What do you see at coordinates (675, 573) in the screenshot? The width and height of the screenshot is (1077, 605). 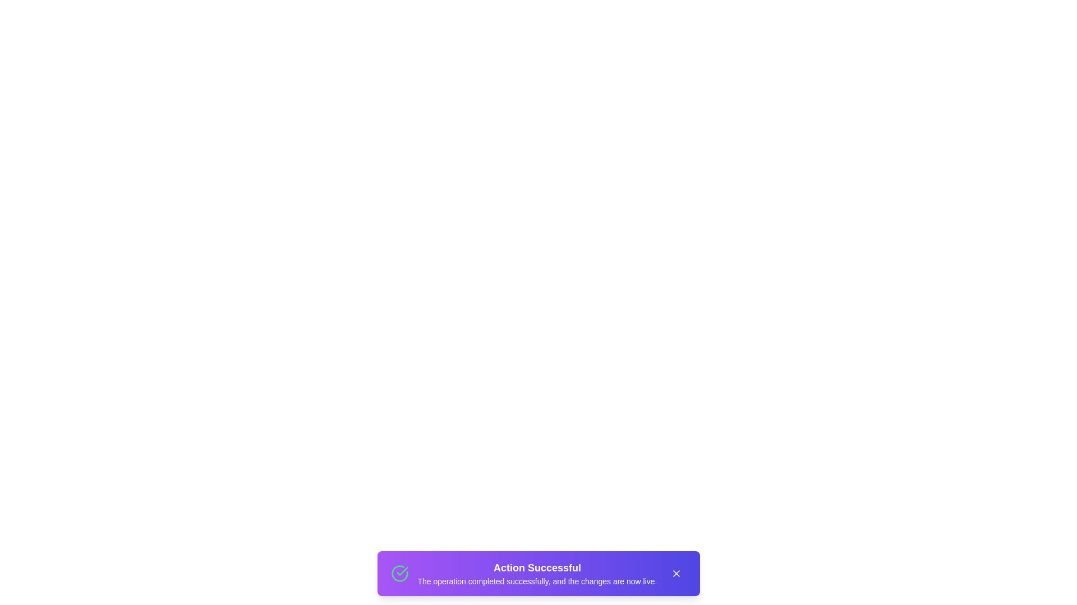 I see `the close button to observe visual feedback` at bounding box center [675, 573].